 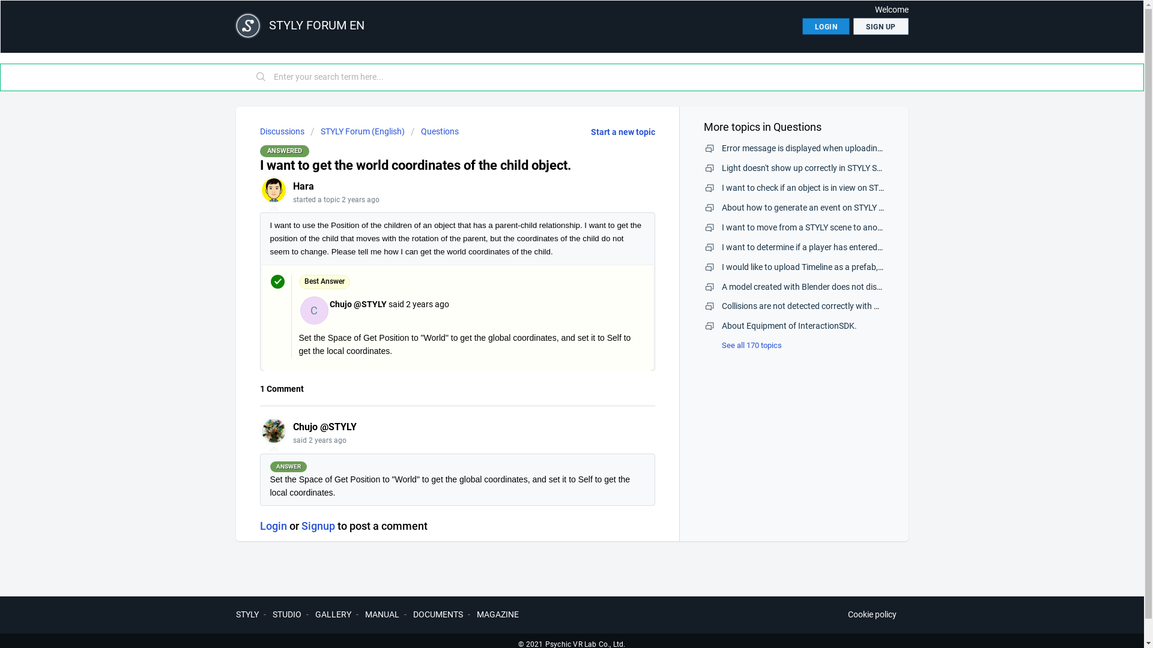 What do you see at coordinates (272, 525) in the screenshot?
I see `'Login'` at bounding box center [272, 525].